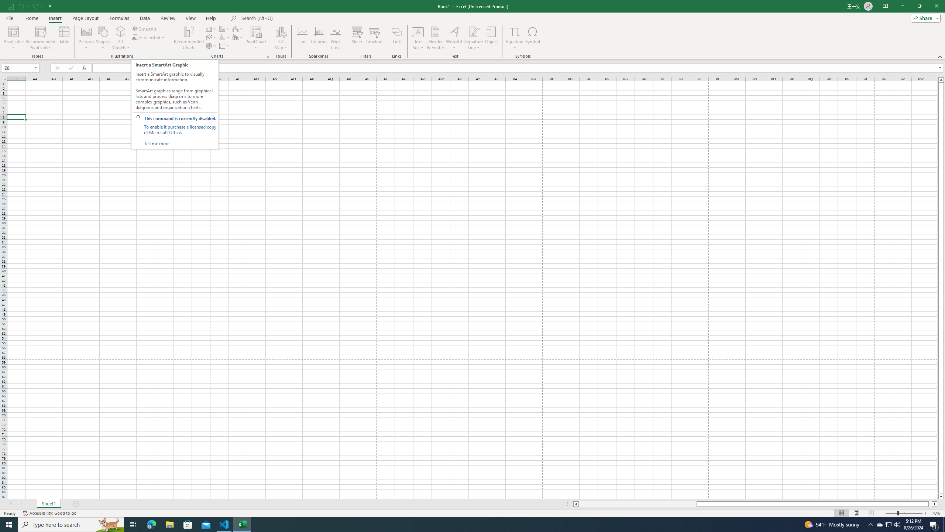  I want to click on 'Undo', so click(21, 6).